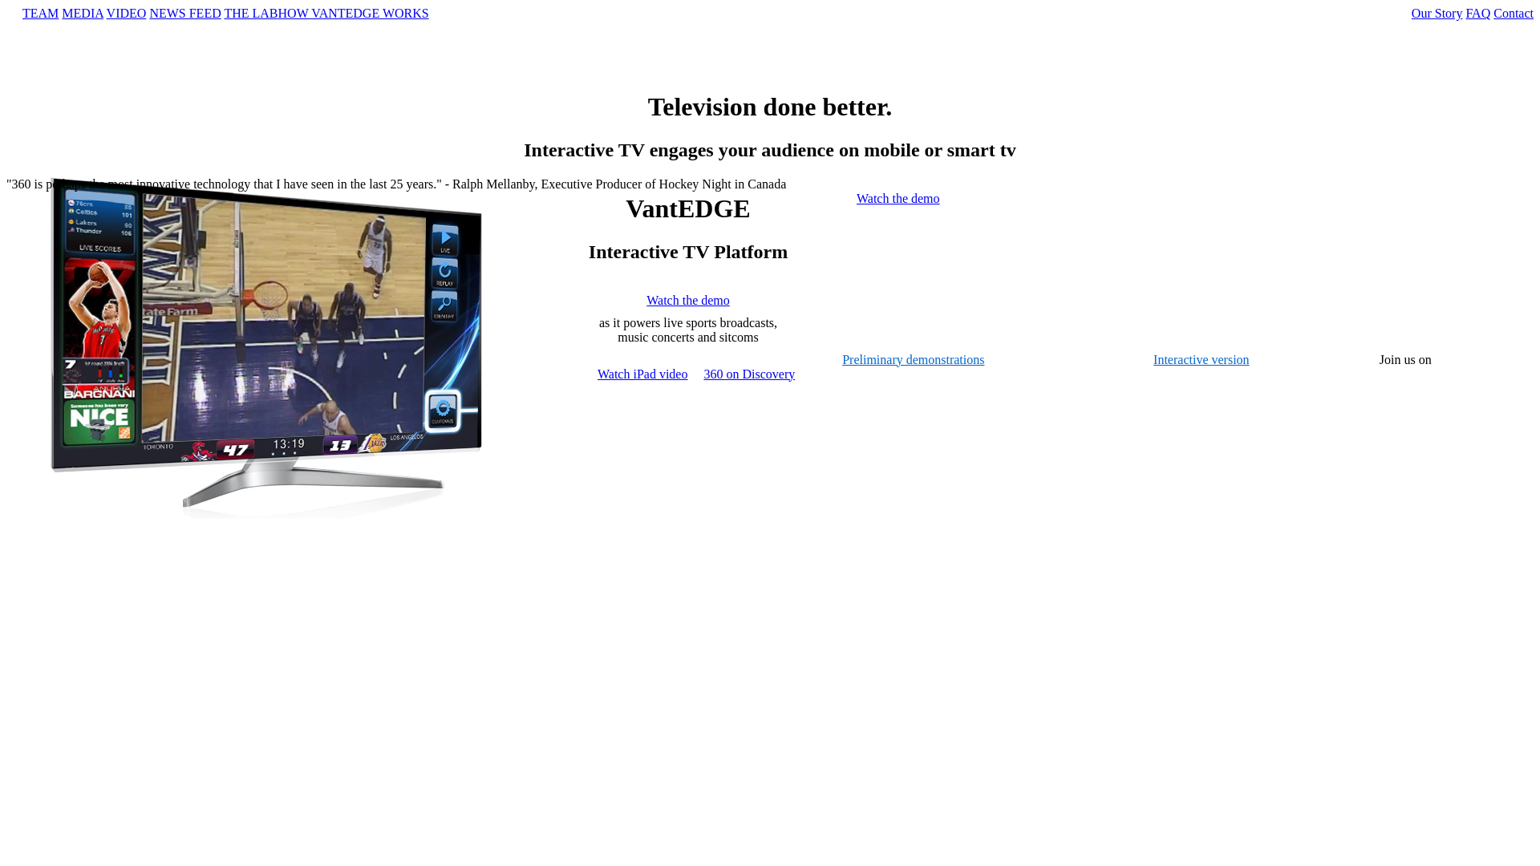  What do you see at coordinates (1477, 13) in the screenshot?
I see `'FAQ'` at bounding box center [1477, 13].